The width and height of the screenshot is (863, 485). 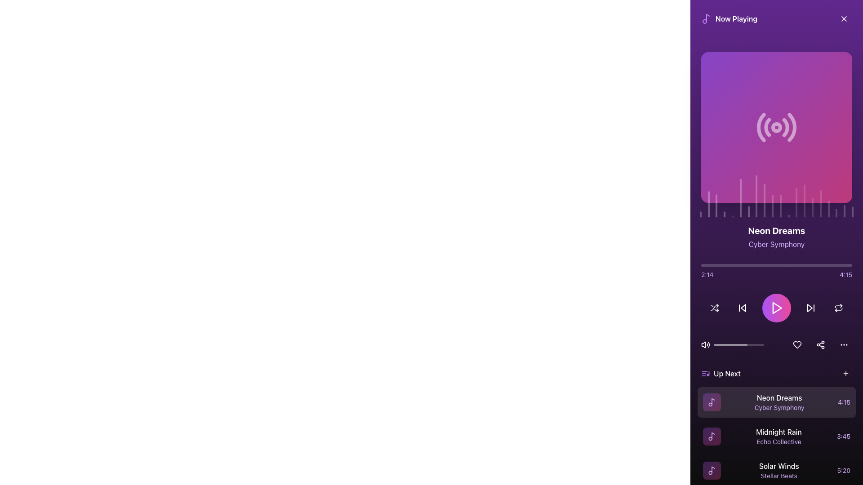 I want to click on the 'Skip Back' control icon, so click(x=743, y=308).